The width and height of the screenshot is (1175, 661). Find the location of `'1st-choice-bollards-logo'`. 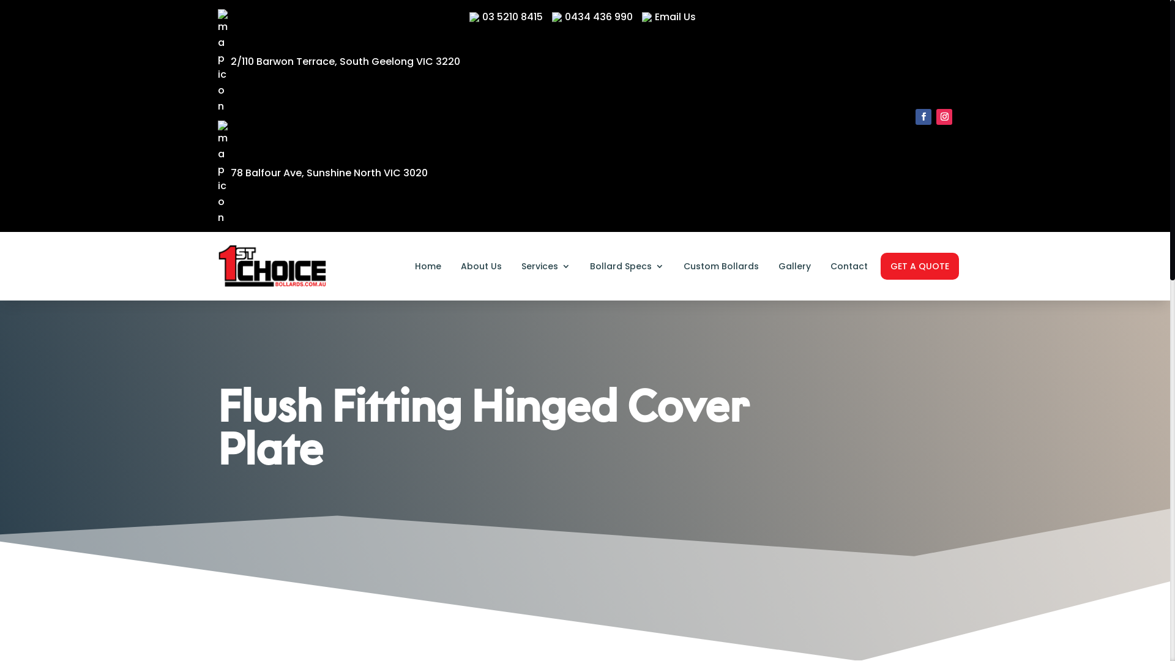

'1st-choice-bollards-logo' is located at coordinates (272, 266).